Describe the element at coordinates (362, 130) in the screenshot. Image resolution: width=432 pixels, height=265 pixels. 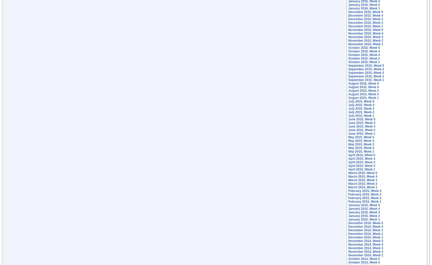
I see `'June 2015, Week 2'` at that location.